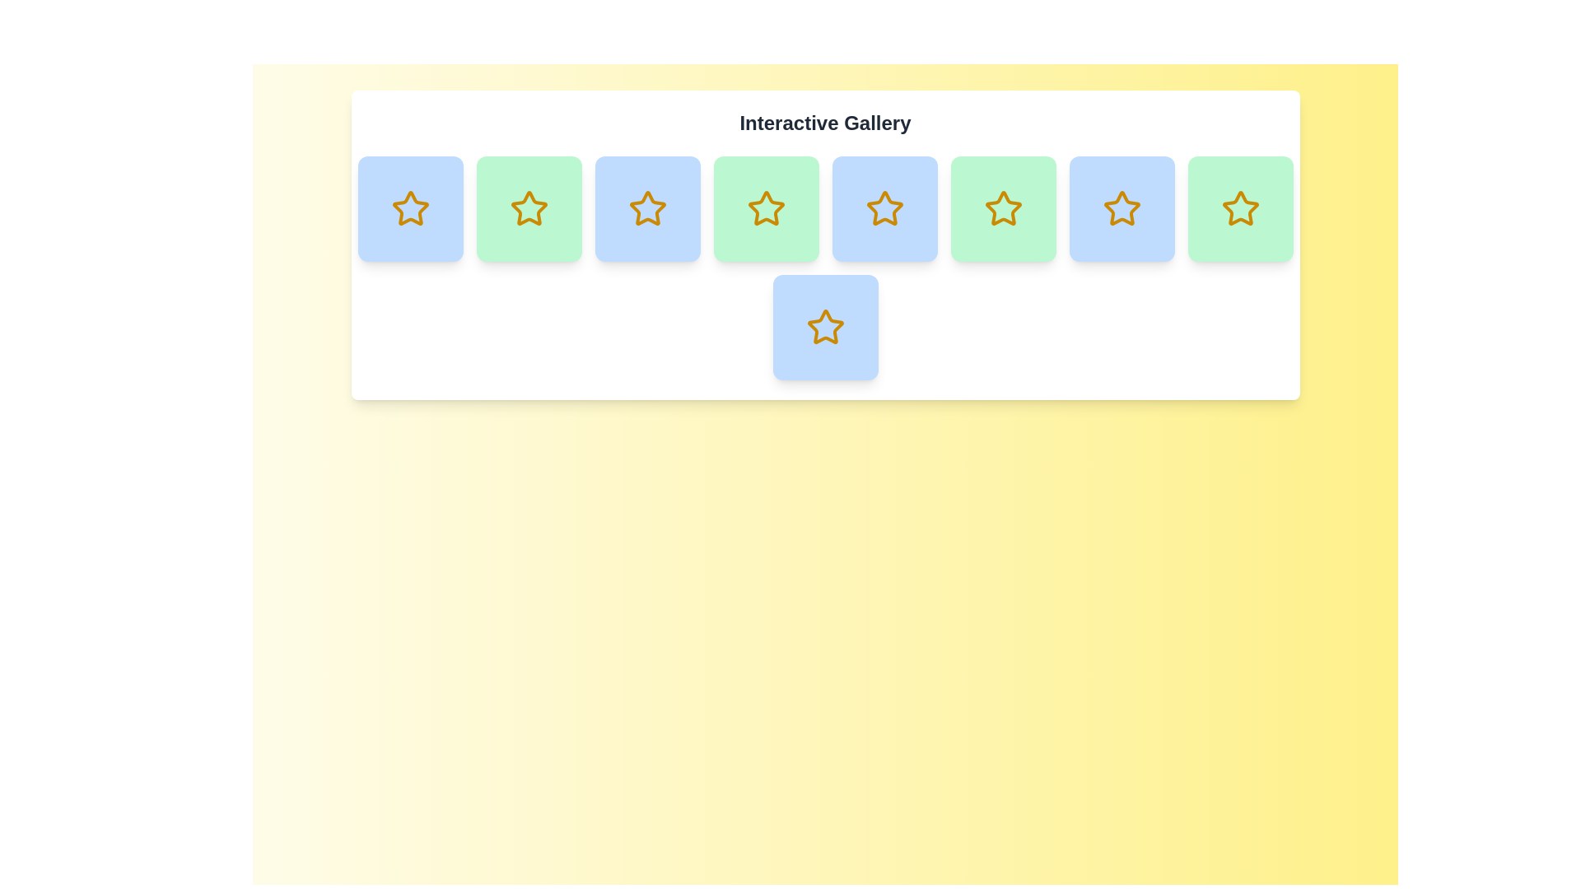  What do you see at coordinates (825, 327) in the screenshot?
I see `the star-shaped icon outlined in yellow, which is centered within the fifth tile of eight in a gallery layout, featuring a light blue background and a modern flat design` at bounding box center [825, 327].